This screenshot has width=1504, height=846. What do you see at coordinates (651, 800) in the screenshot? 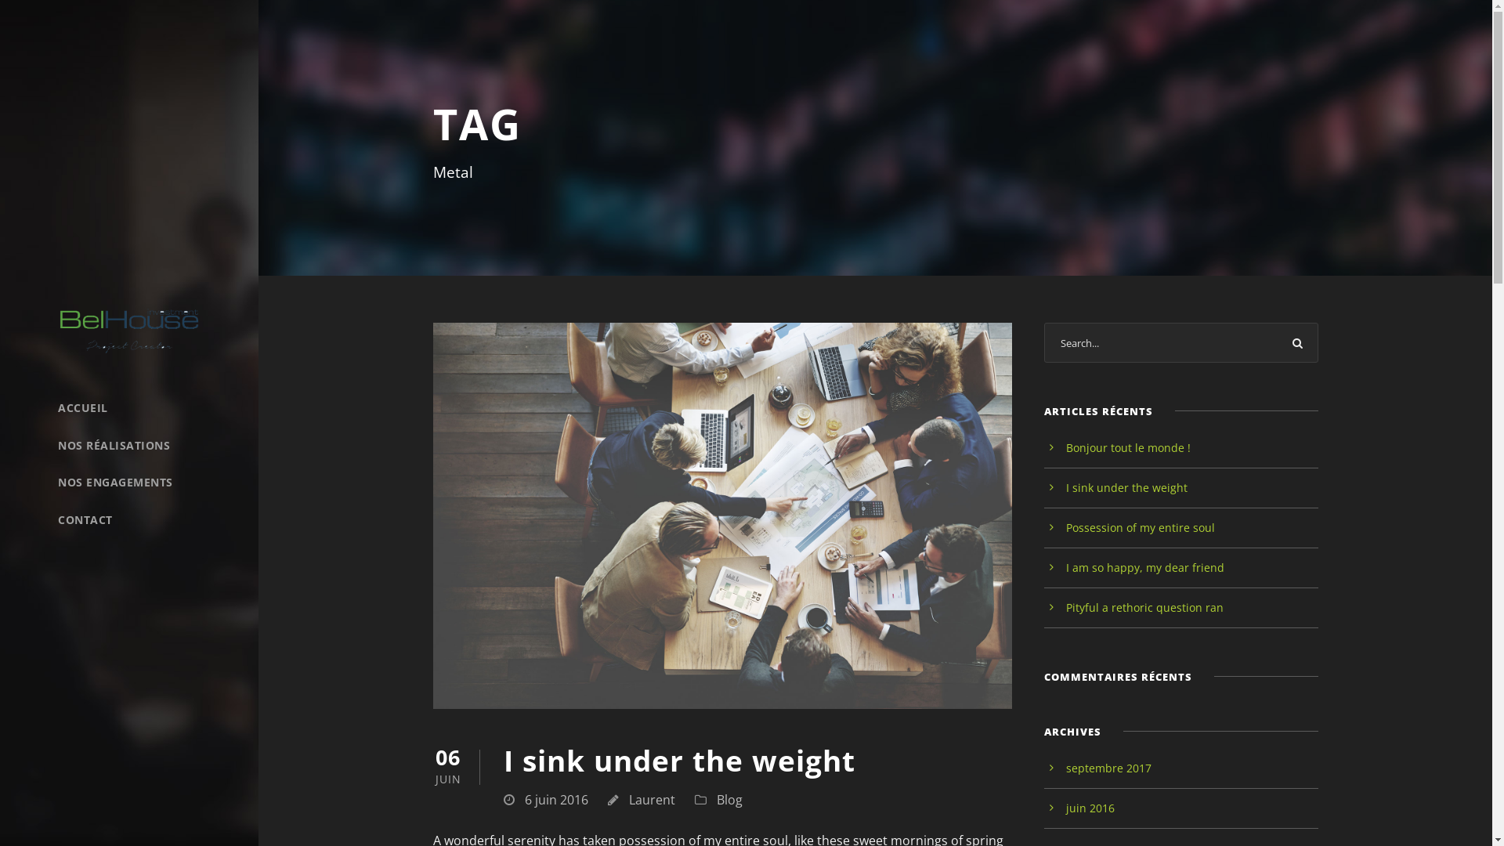
I see `'Laurent'` at bounding box center [651, 800].